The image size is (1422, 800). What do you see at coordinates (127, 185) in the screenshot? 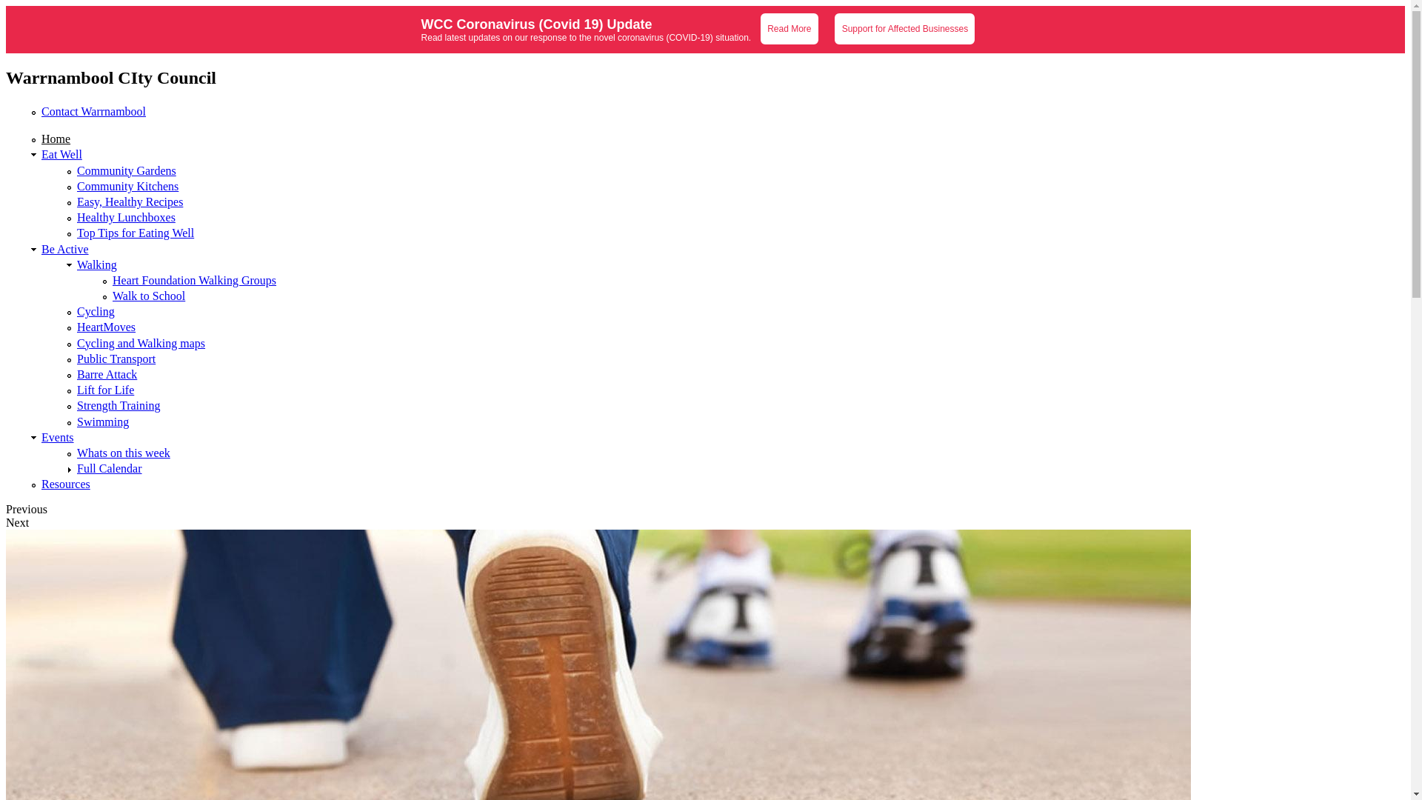
I see `'Community Kitchens'` at bounding box center [127, 185].